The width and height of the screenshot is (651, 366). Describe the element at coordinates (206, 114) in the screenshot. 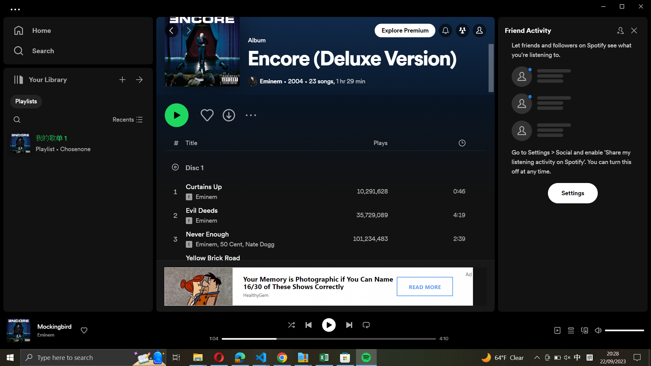

I see `Like the playlist` at that location.